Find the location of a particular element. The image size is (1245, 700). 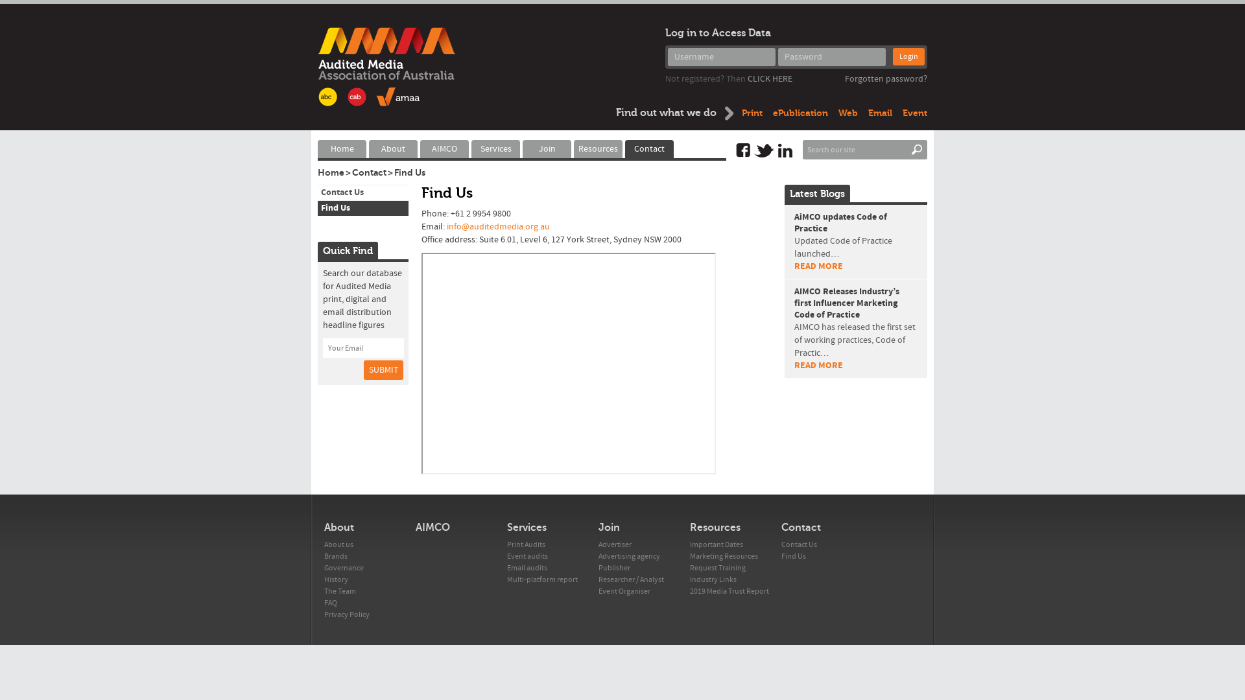

'Linkedin' is located at coordinates (784, 149).